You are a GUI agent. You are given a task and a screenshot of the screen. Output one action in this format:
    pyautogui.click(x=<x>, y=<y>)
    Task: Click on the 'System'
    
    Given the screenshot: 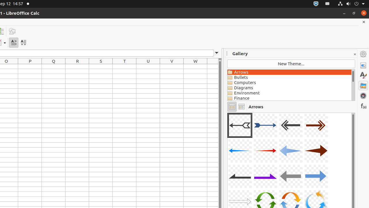 What is the action you would take?
    pyautogui.click(x=351, y=4)
    